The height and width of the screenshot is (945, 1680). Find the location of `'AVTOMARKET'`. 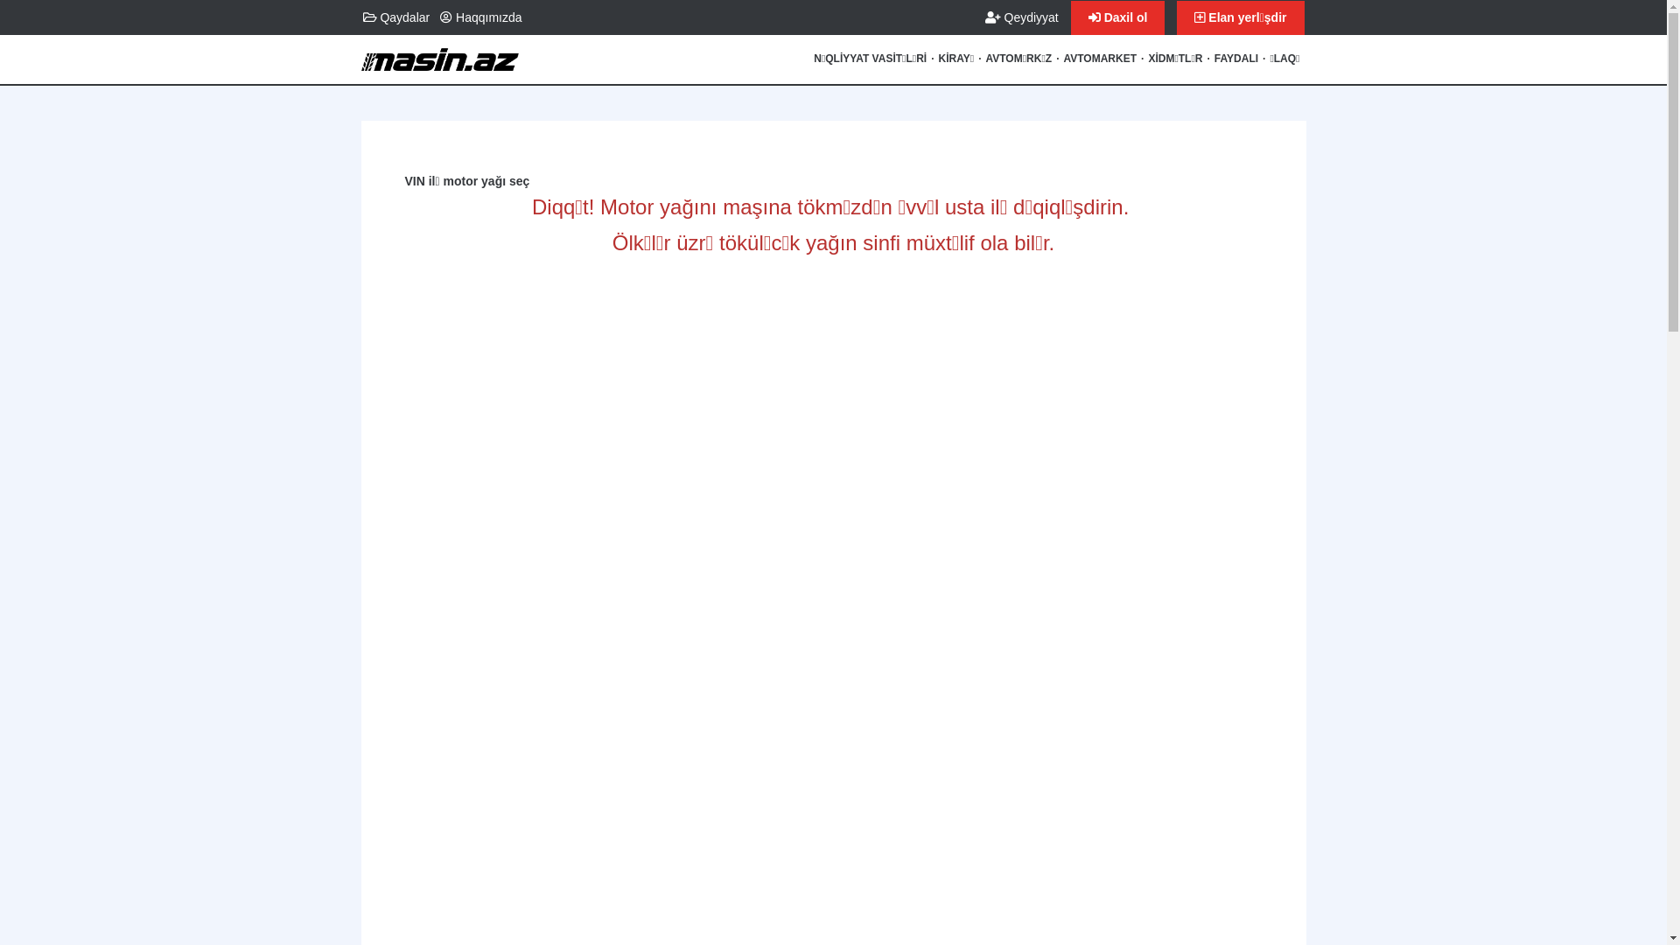

'AVTOMARKET' is located at coordinates (1099, 59).